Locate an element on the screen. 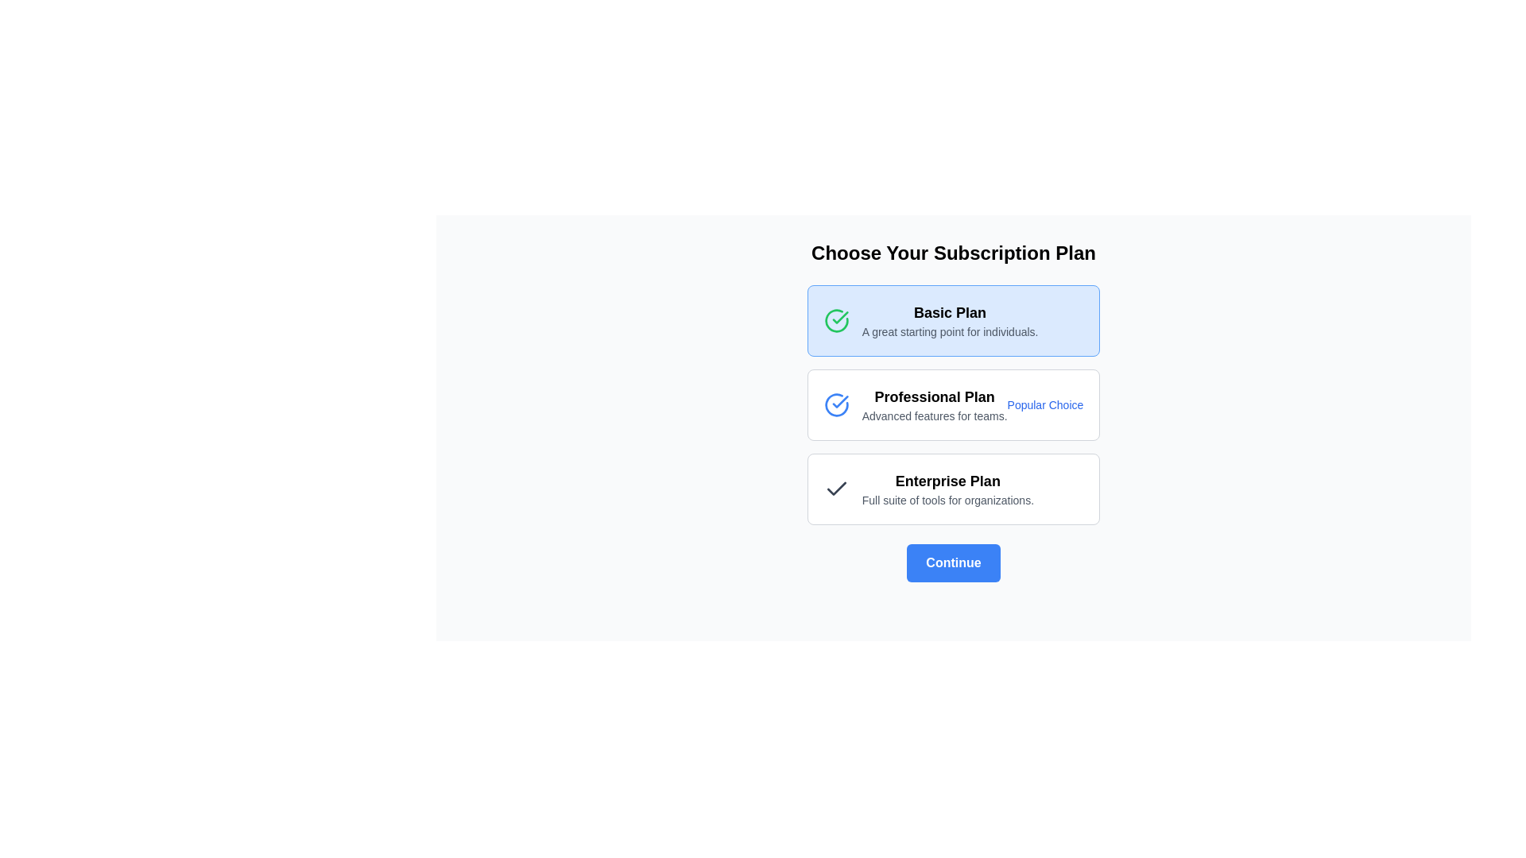 This screenshot has width=1526, height=858. the checkmark icon located in the 'Enterprise Plan' section, which indicates selection or confirmation is located at coordinates (835, 489).